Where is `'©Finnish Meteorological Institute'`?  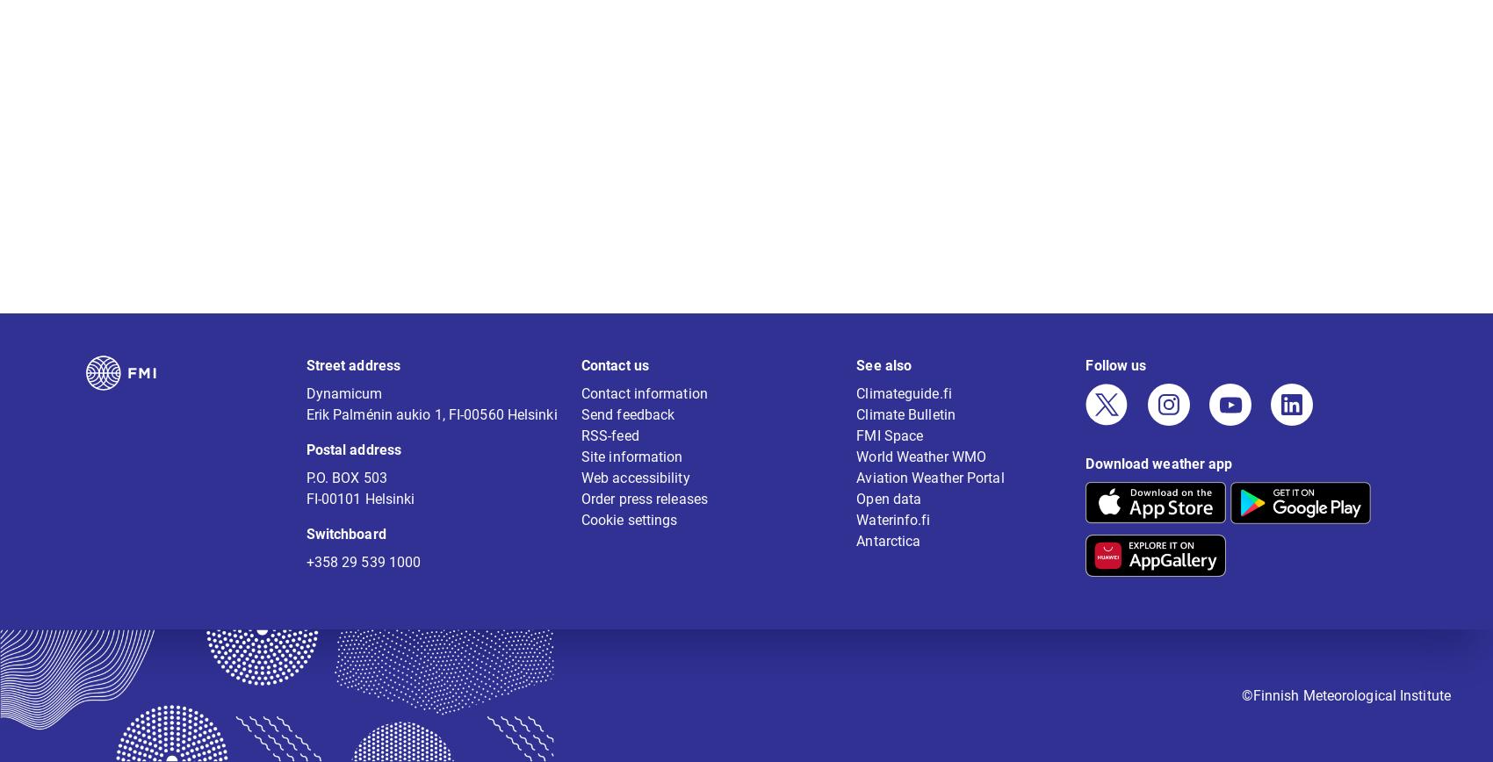
'©Finnish Meteorological Institute' is located at coordinates (1345, 707).